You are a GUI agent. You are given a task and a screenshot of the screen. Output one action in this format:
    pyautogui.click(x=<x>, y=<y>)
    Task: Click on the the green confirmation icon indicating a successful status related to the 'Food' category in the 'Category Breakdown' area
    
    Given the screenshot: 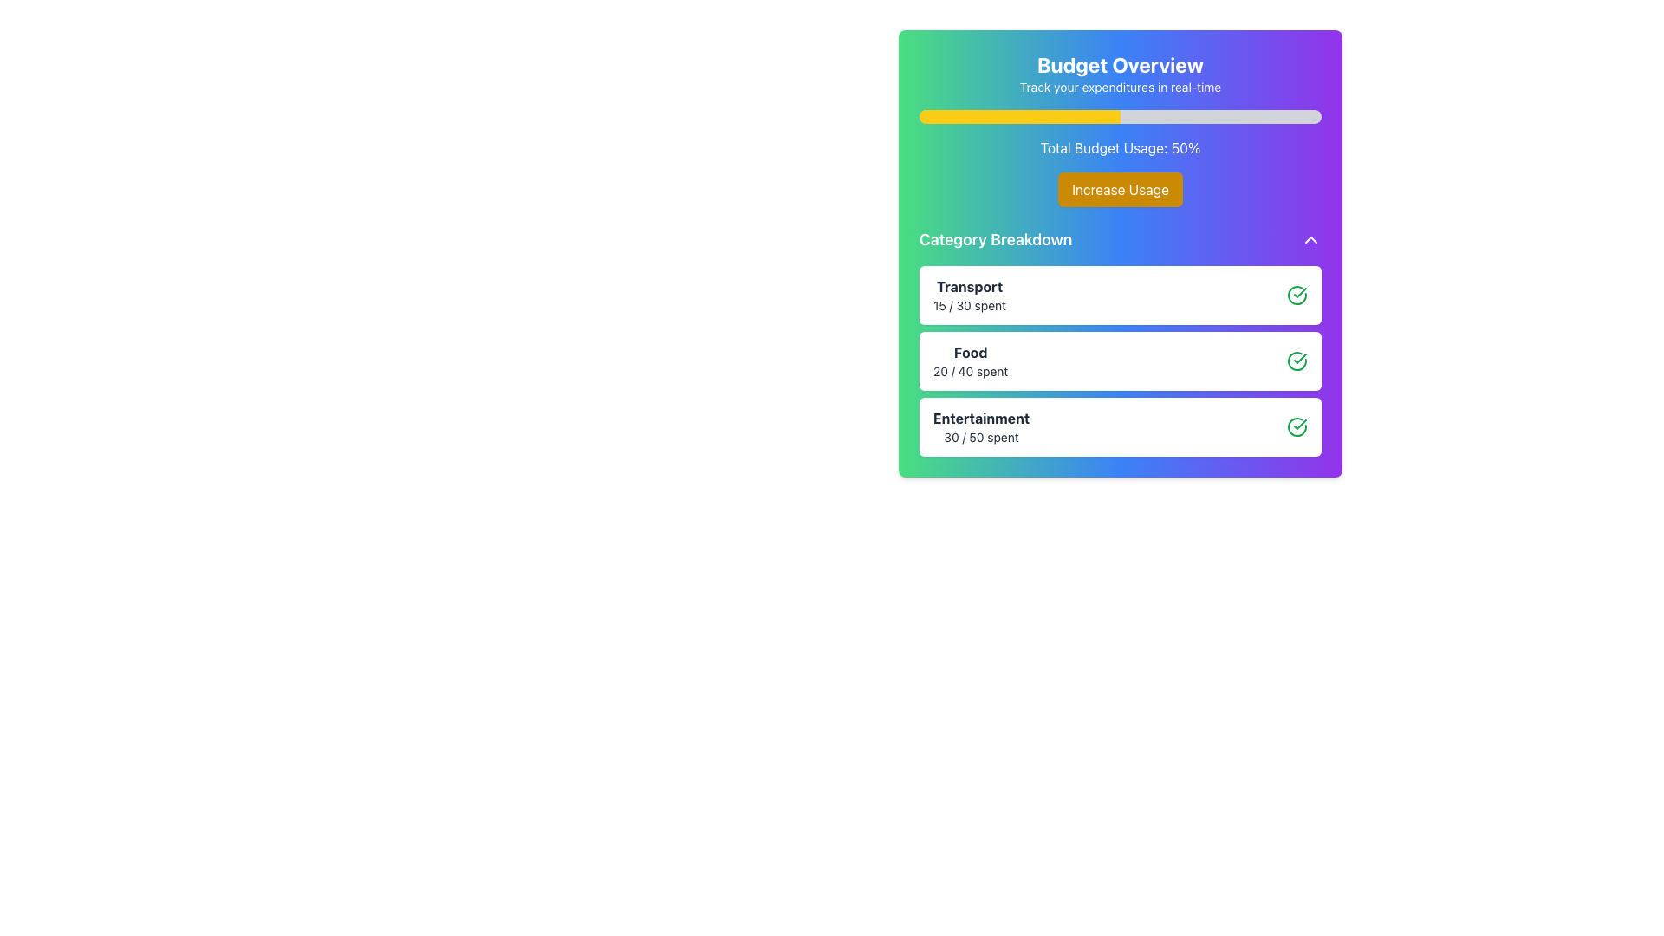 What is the action you would take?
    pyautogui.click(x=1297, y=360)
    